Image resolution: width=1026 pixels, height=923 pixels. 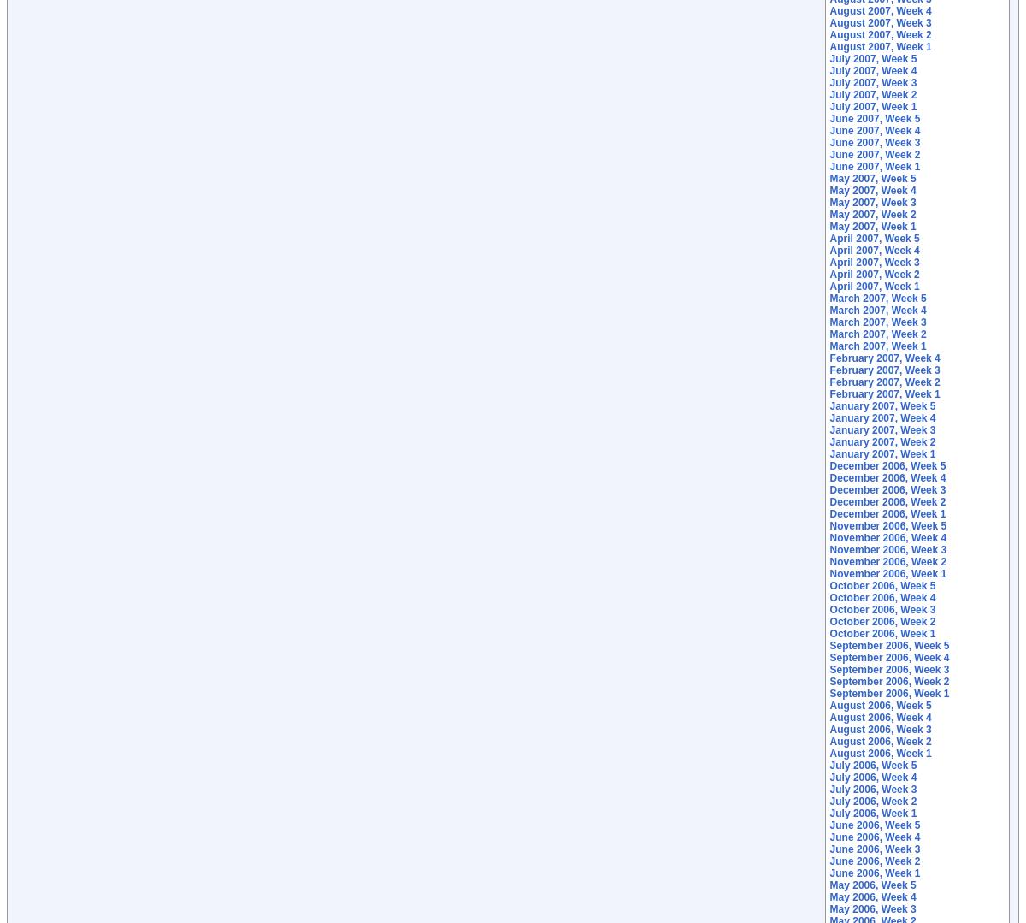 What do you see at coordinates (887, 526) in the screenshot?
I see `'November 2006, Week 5'` at bounding box center [887, 526].